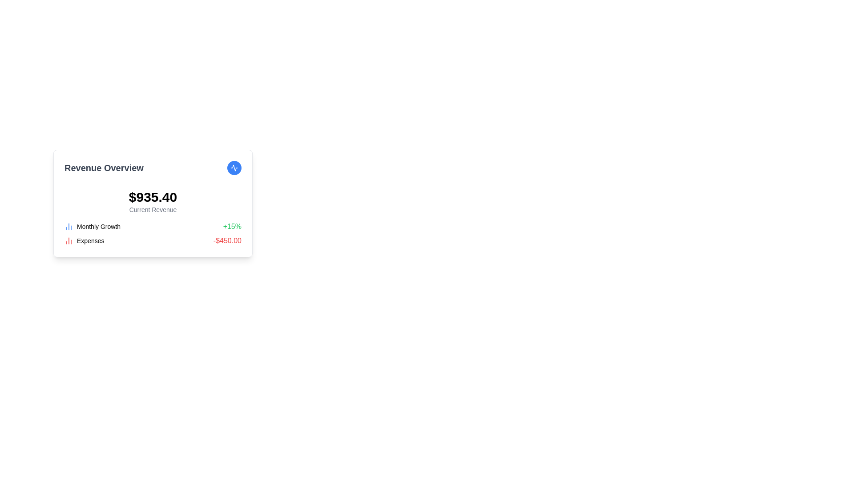  Describe the element at coordinates (234, 168) in the screenshot. I see `the waveform icon graphical component with a blue circular background and white sine-wave design located in the top-right corner of the 'Revenue Overview' card` at that location.